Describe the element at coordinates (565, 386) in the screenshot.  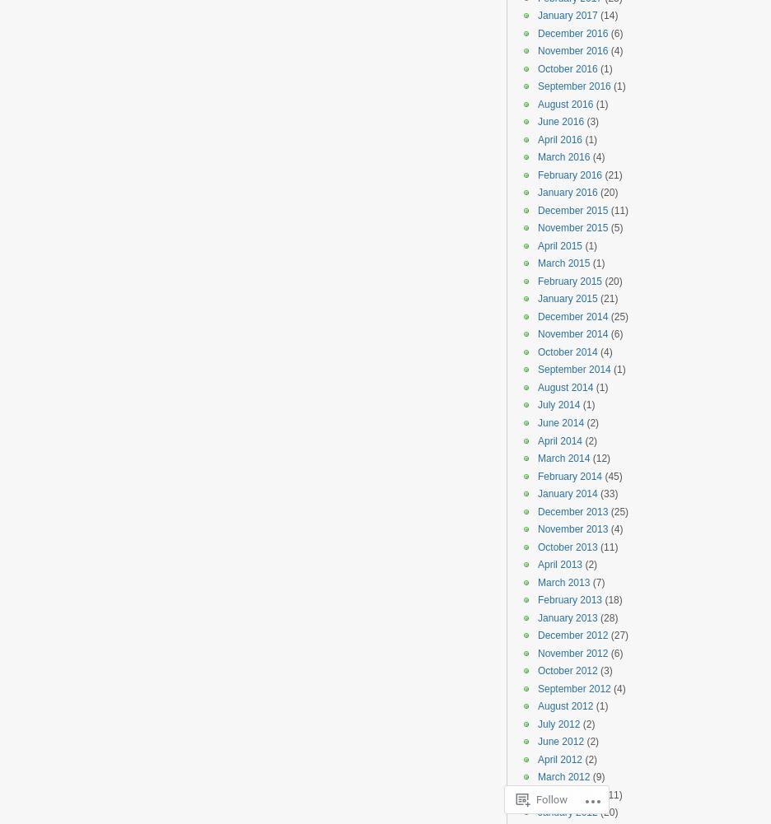
I see `'August 2014'` at that location.